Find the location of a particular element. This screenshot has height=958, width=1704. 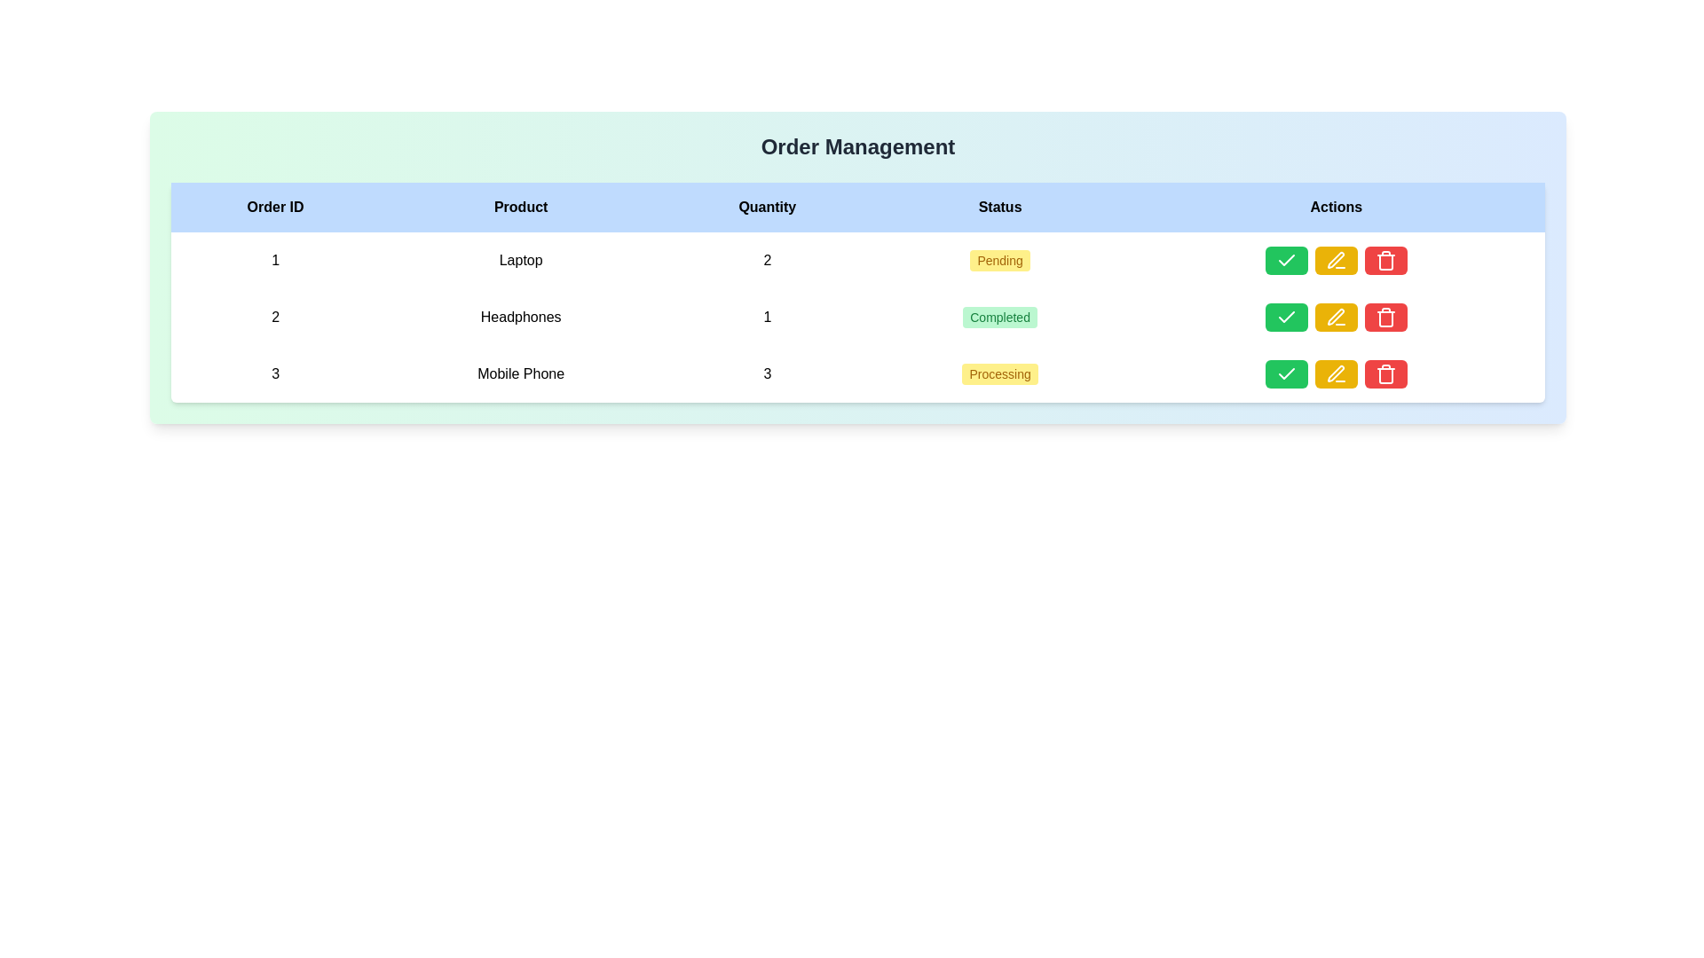

the yellow button with a pen icon in the center is located at coordinates (1336, 317).